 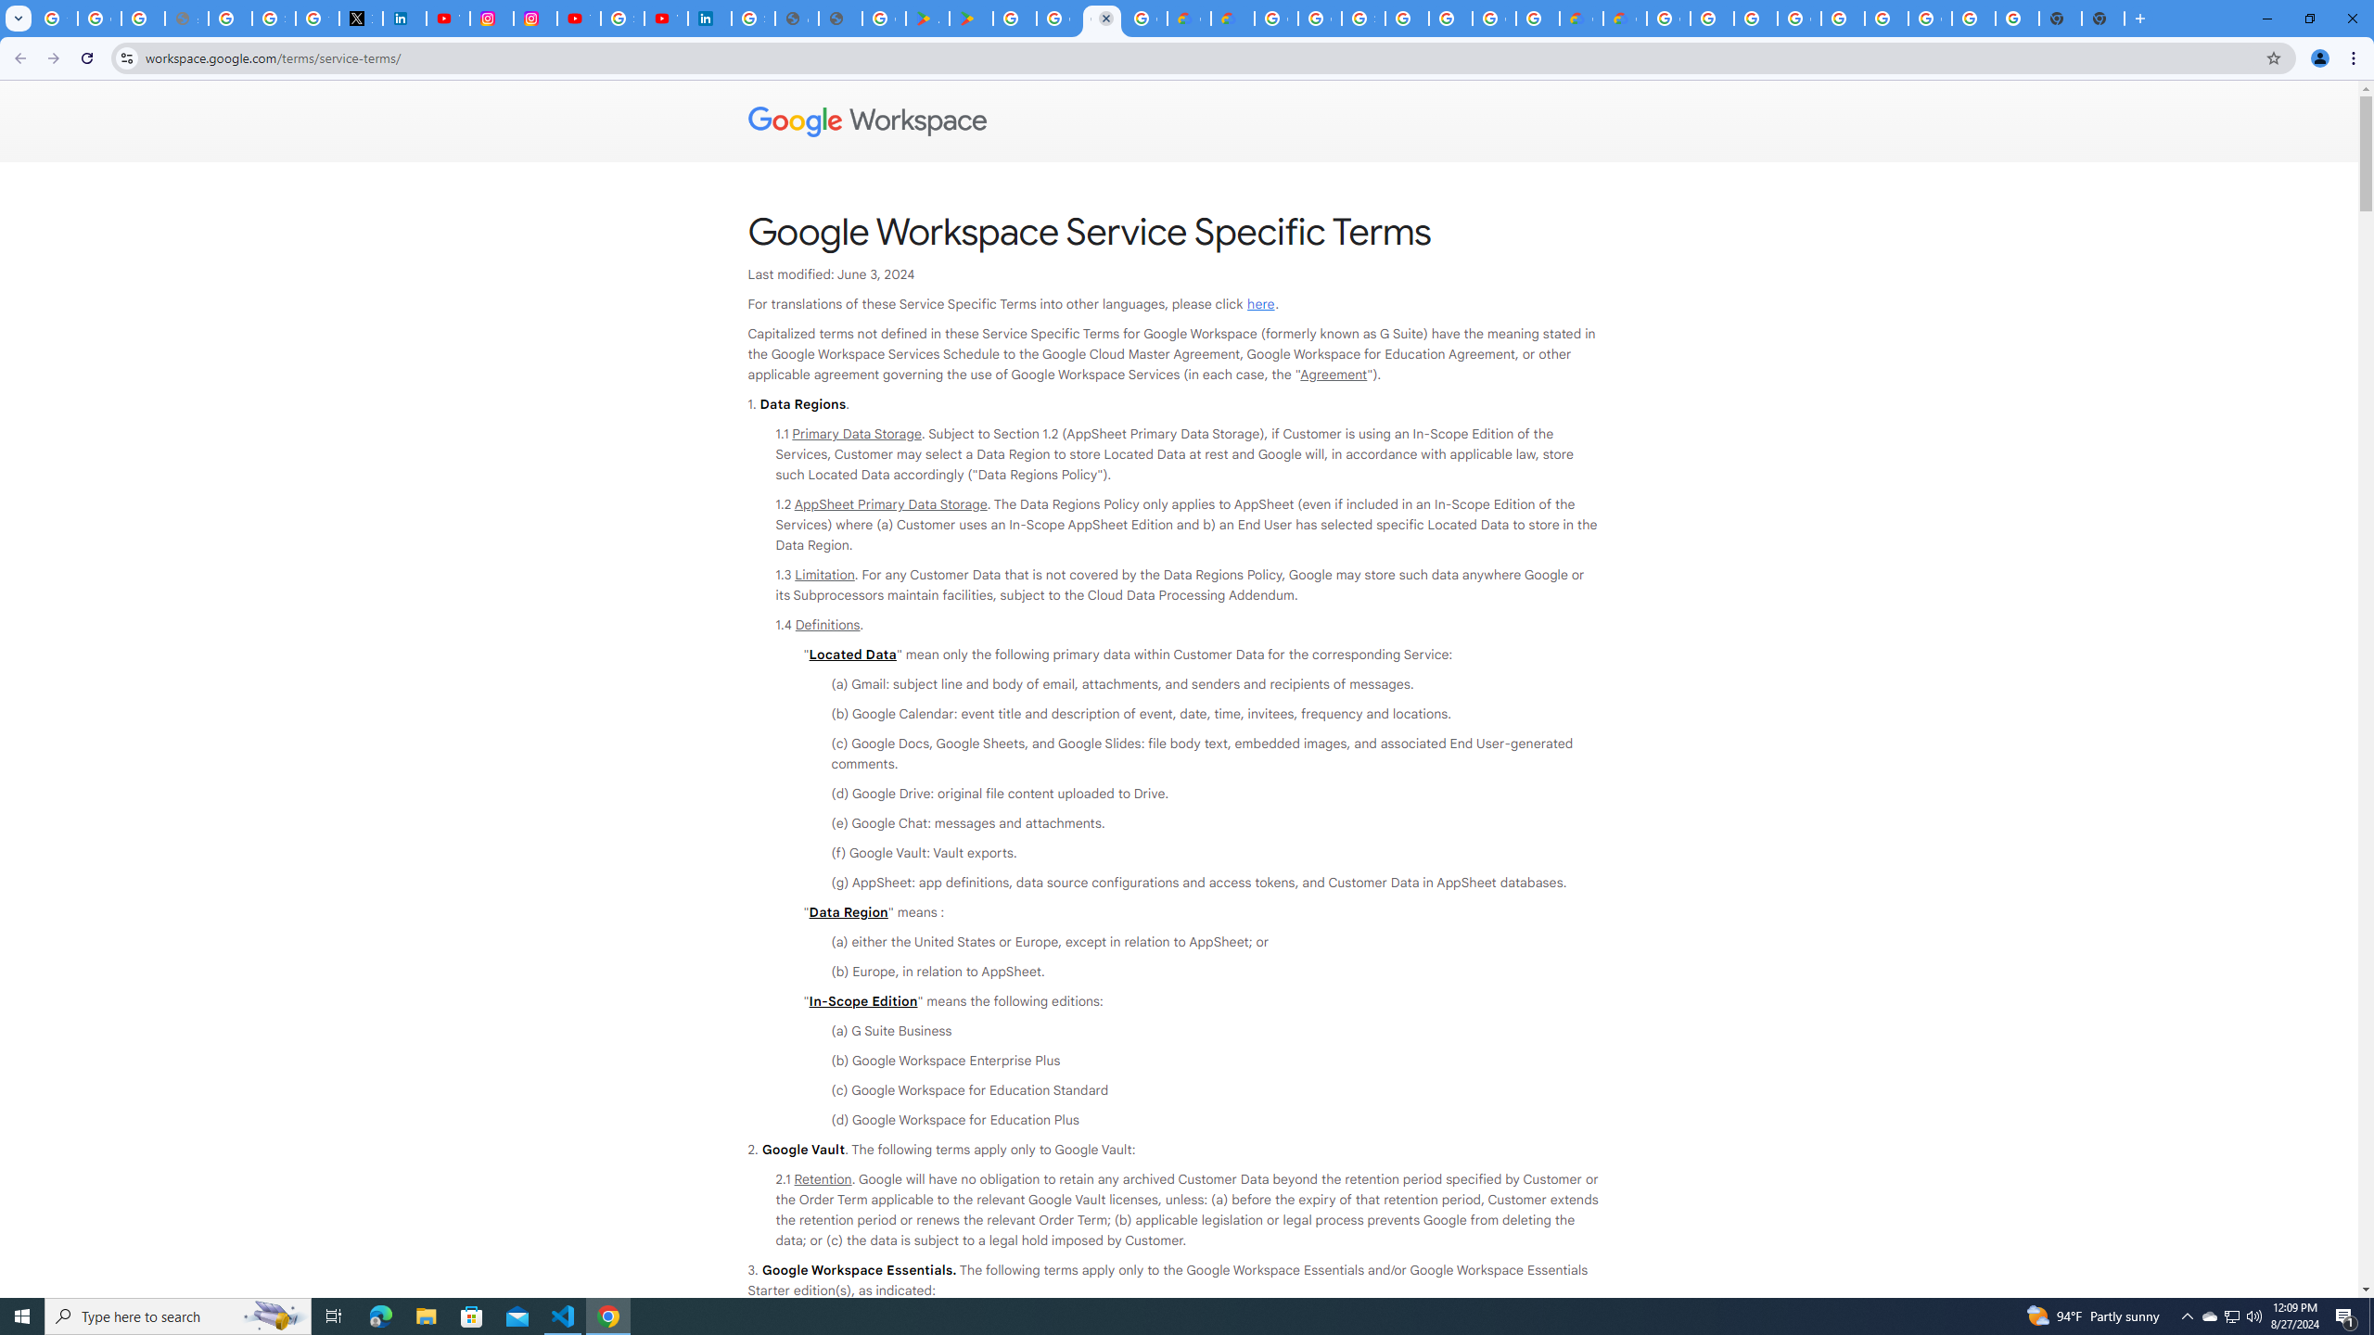 What do you see at coordinates (1259, 304) in the screenshot?
I see `'here'` at bounding box center [1259, 304].